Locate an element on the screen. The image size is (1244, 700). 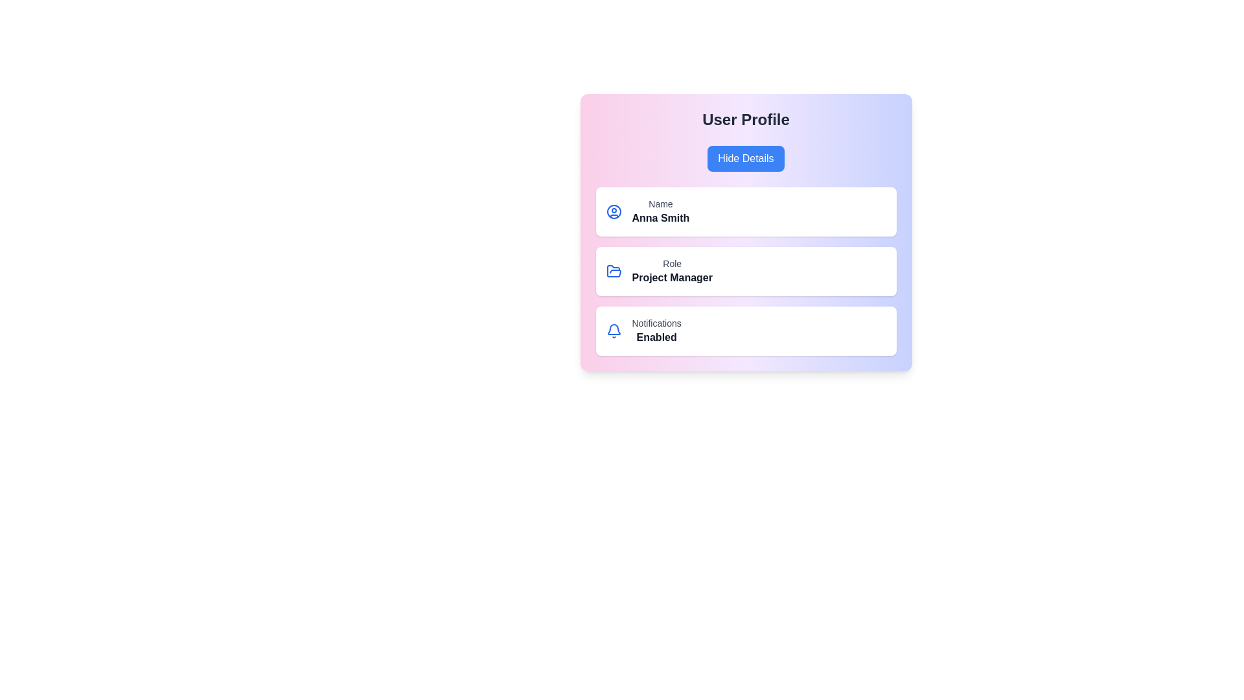
the 'Enabled' text label, which is styled in bold dark gray and located in the notification section of the user profile card, beneath the 'Notifications' label and next to the bell icon is located at coordinates (656, 336).